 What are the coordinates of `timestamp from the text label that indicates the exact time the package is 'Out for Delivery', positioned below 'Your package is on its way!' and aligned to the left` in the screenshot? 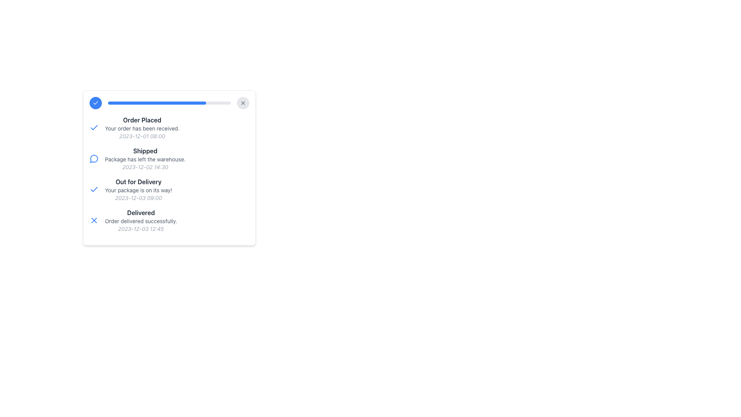 It's located at (139, 198).